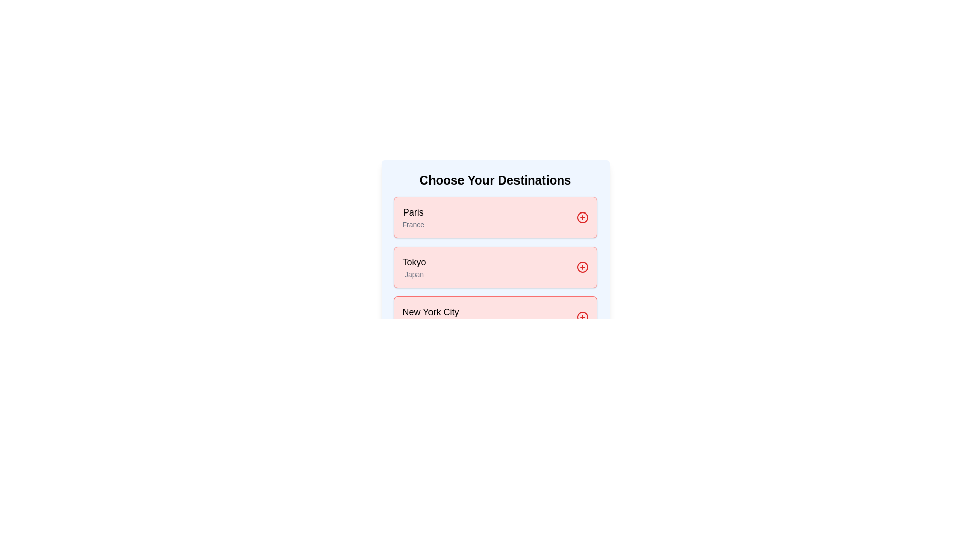 This screenshot has width=977, height=549. I want to click on the circular icon button with a plus sign, located in the upper-right corner of the card labeled 'Tokyo' and 'Japan', so click(582, 266).